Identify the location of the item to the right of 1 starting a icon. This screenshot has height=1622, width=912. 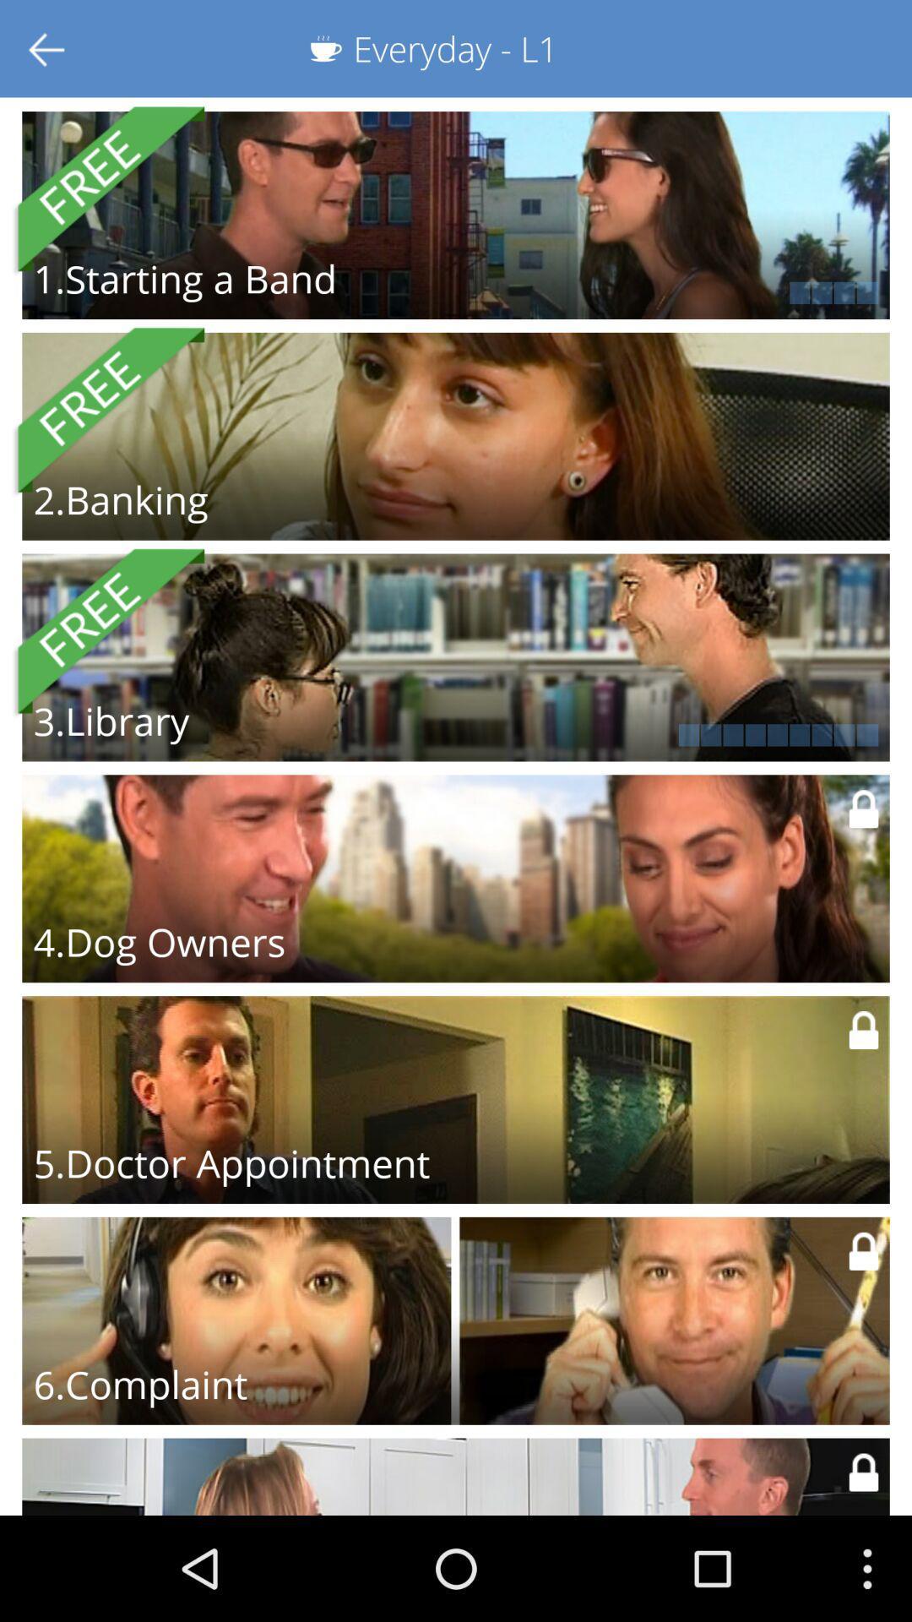
(676, 292).